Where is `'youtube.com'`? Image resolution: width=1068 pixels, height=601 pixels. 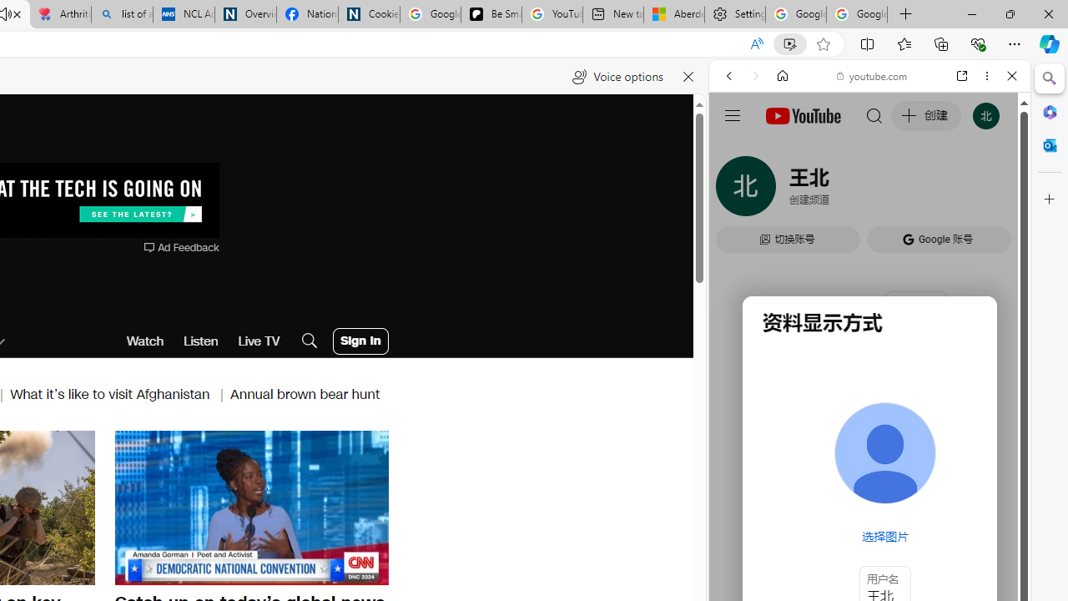 'youtube.com' is located at coordinates (872, 76).